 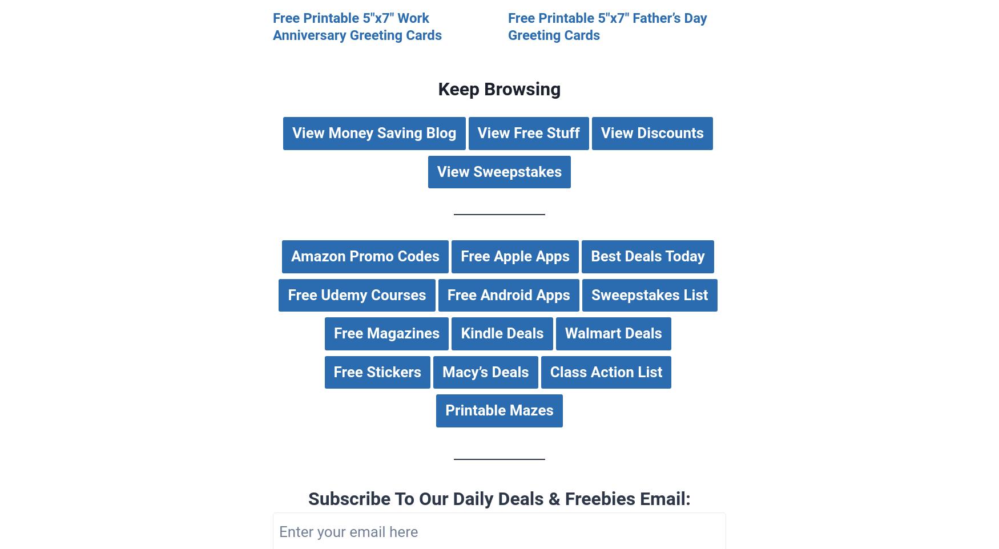 I want to click on 'Walmart Deals', so click(x=613, y=333).